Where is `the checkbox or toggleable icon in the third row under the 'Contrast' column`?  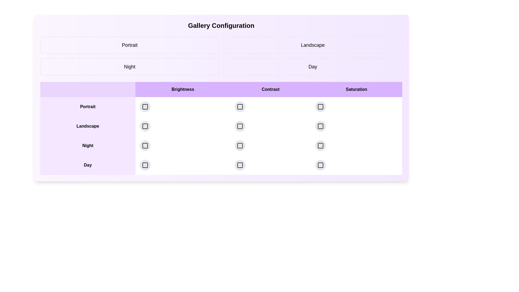 the checkbox or toggleable icon in the third row under the 'Contrast' column is located at coordinates (240, 145).